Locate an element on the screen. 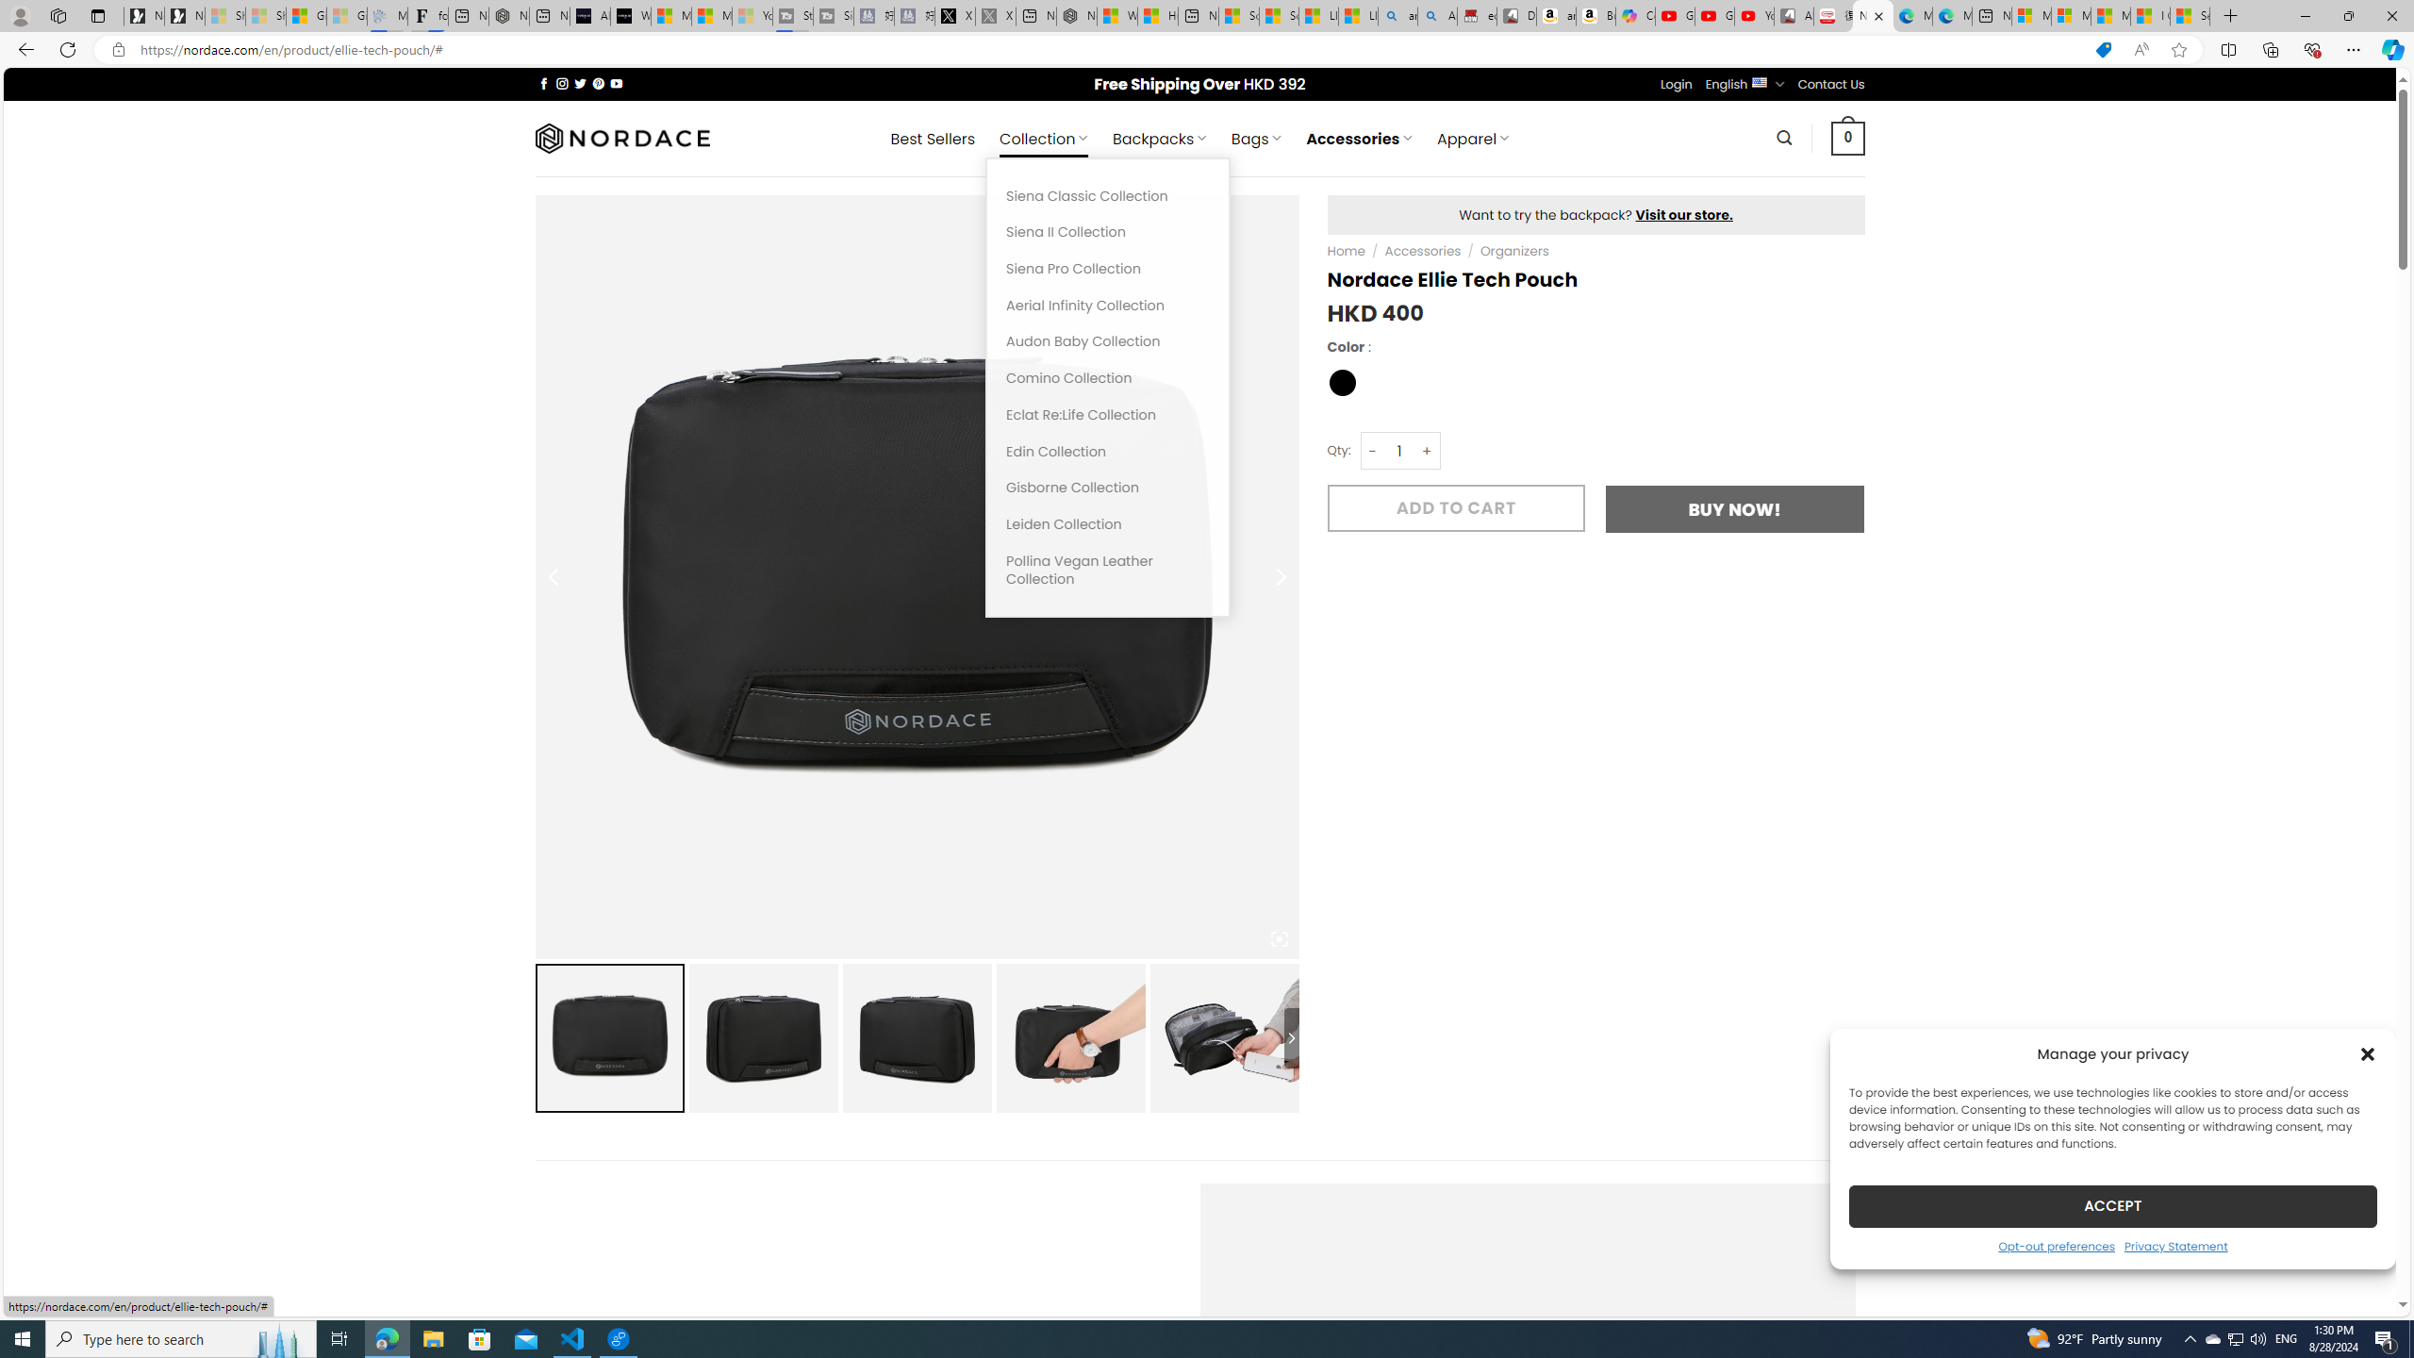 This screenshot has height=1358, width=2414. 'Follow on YouTube' is located at coordinates (616, 83).